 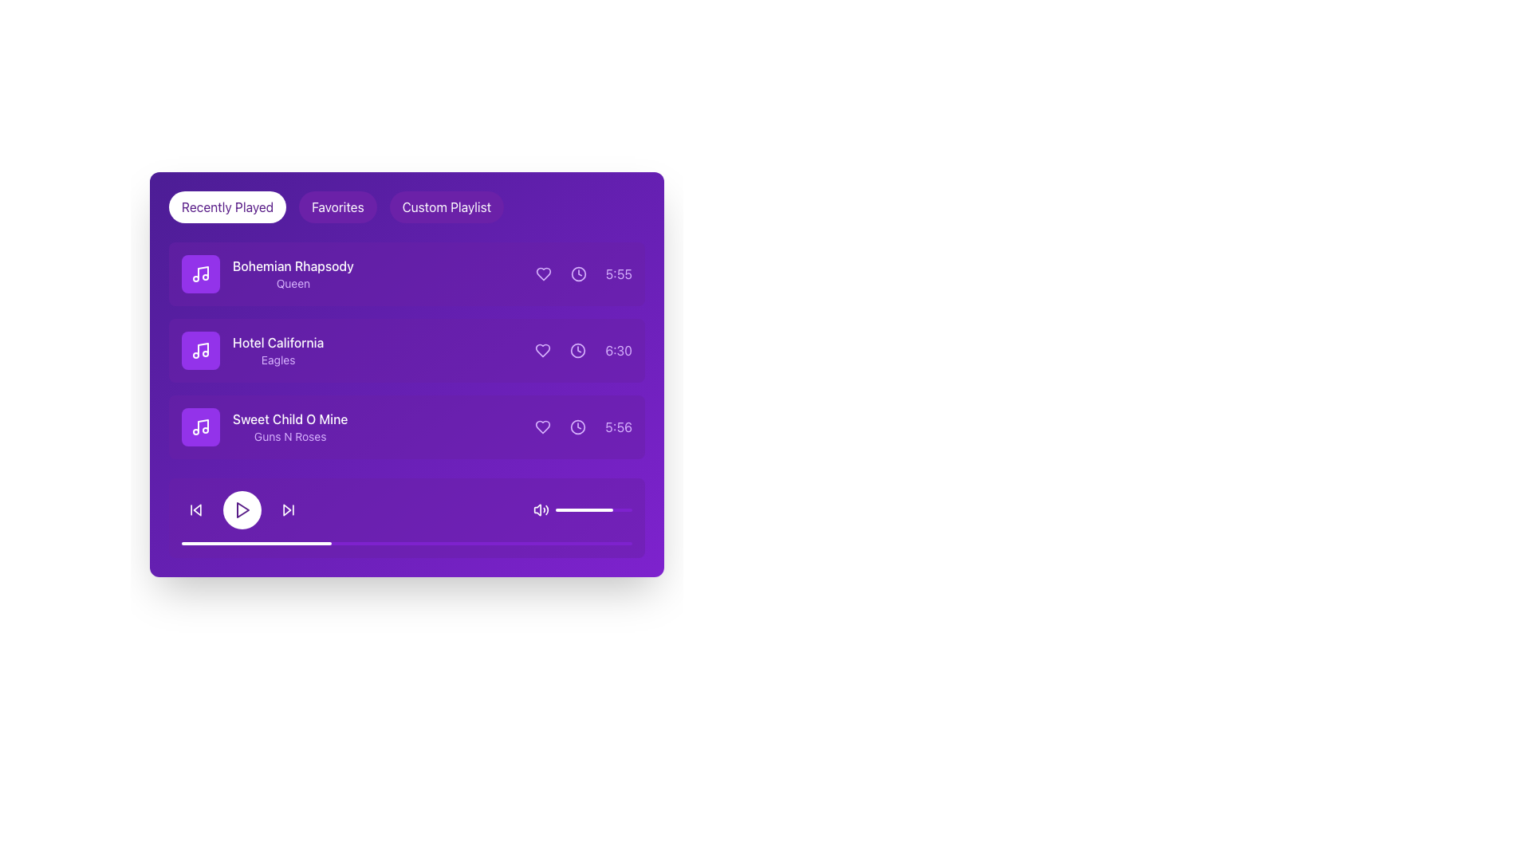 I want to click on the song label displaying 'Hotel California' by 'Eagles', so click(x=278, y=349).